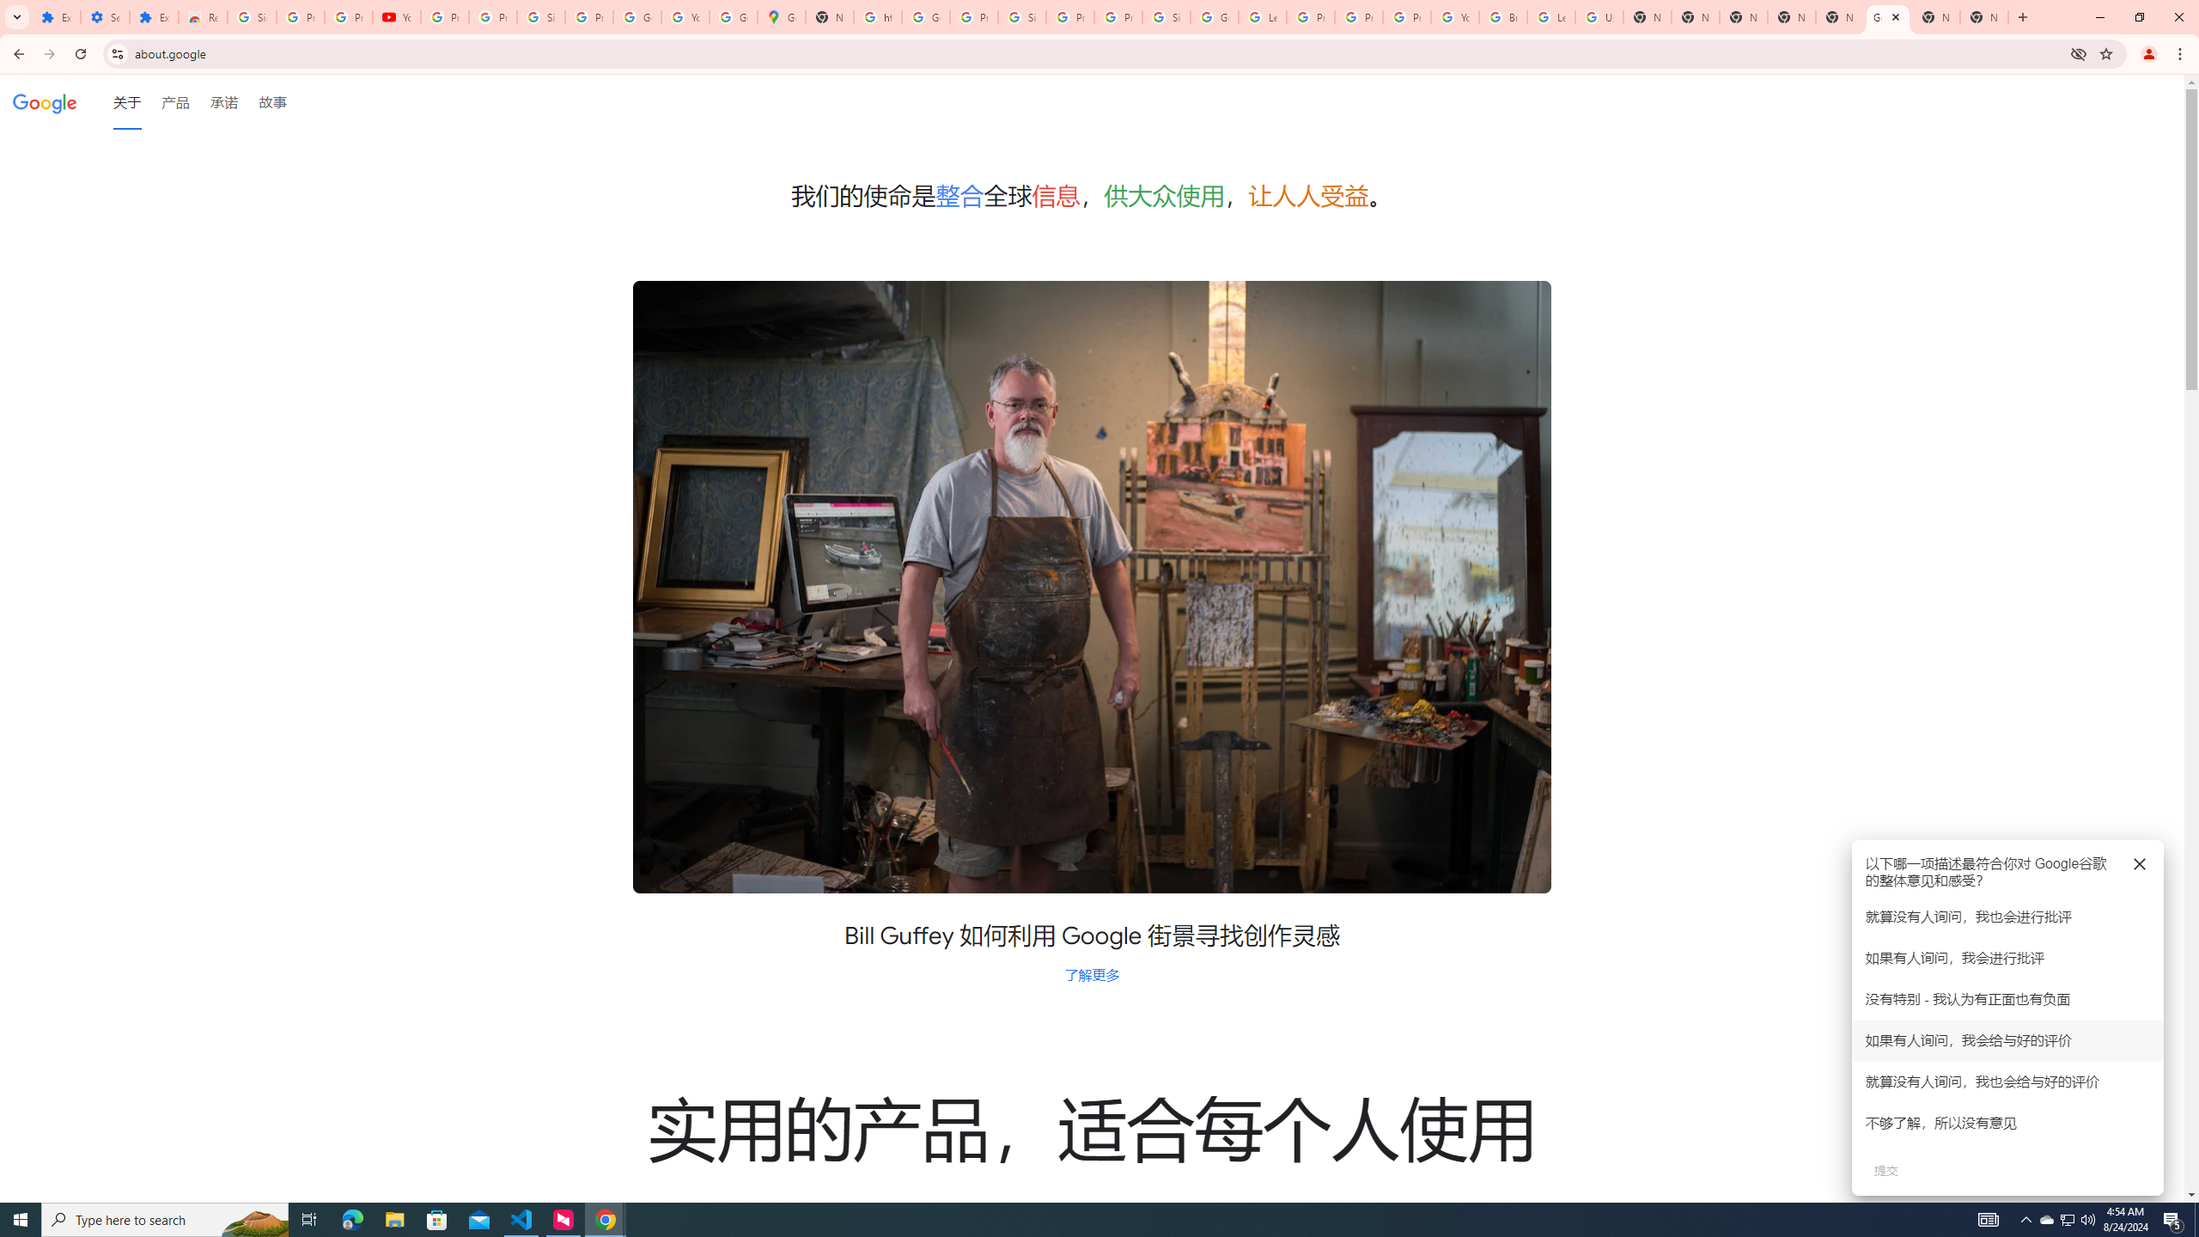  What do you see at coordinates (1502, 16) in the screenshot?
I see `'Browse Chrome as a guest - Computer - Google Chrome Help'` at bounding box center [1502, 16].